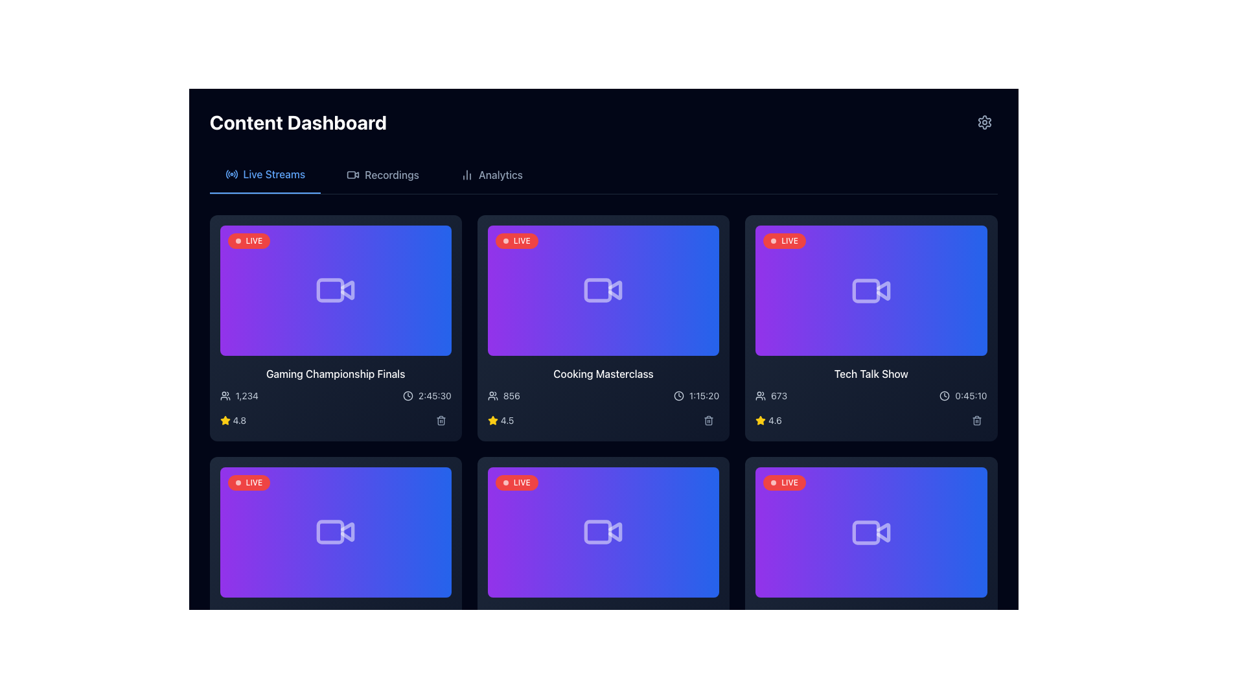 The width and height of the screenshot is (1244, 700). I want to click on the settings button located in the top-right corner of the interface, which is styled as a circular button on the navigation bar, so click(984, 122).